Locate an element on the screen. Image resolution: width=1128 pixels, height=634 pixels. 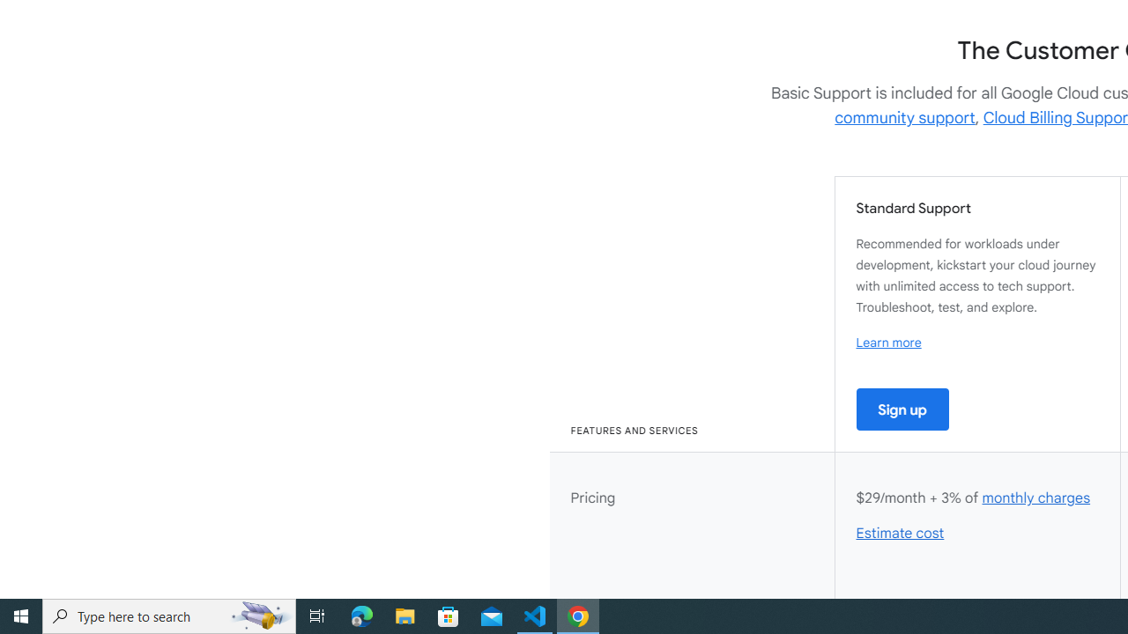
'Estimate cost' is located at coordinates (901, 533).